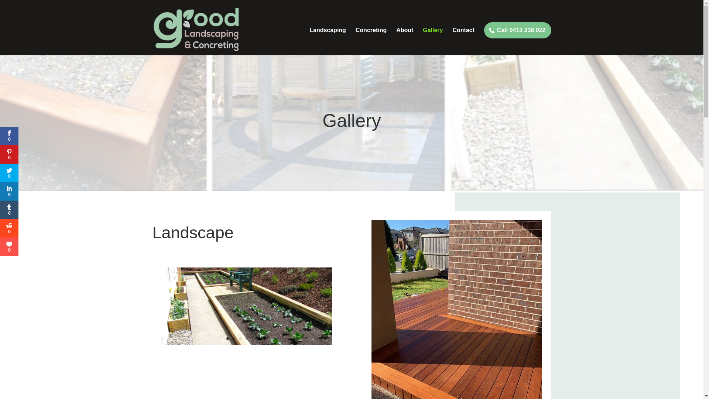  I want to click on 'Call 0413 238 922', so click(517, 30).